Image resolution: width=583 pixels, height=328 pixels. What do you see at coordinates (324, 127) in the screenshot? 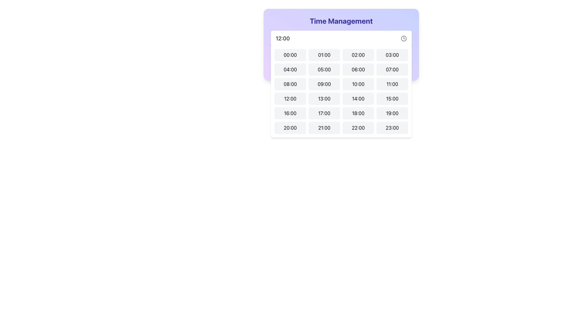
I see `the button that allows the user to select '21:00' in the 'Time Management' popup` at bounding box center [324, 127].